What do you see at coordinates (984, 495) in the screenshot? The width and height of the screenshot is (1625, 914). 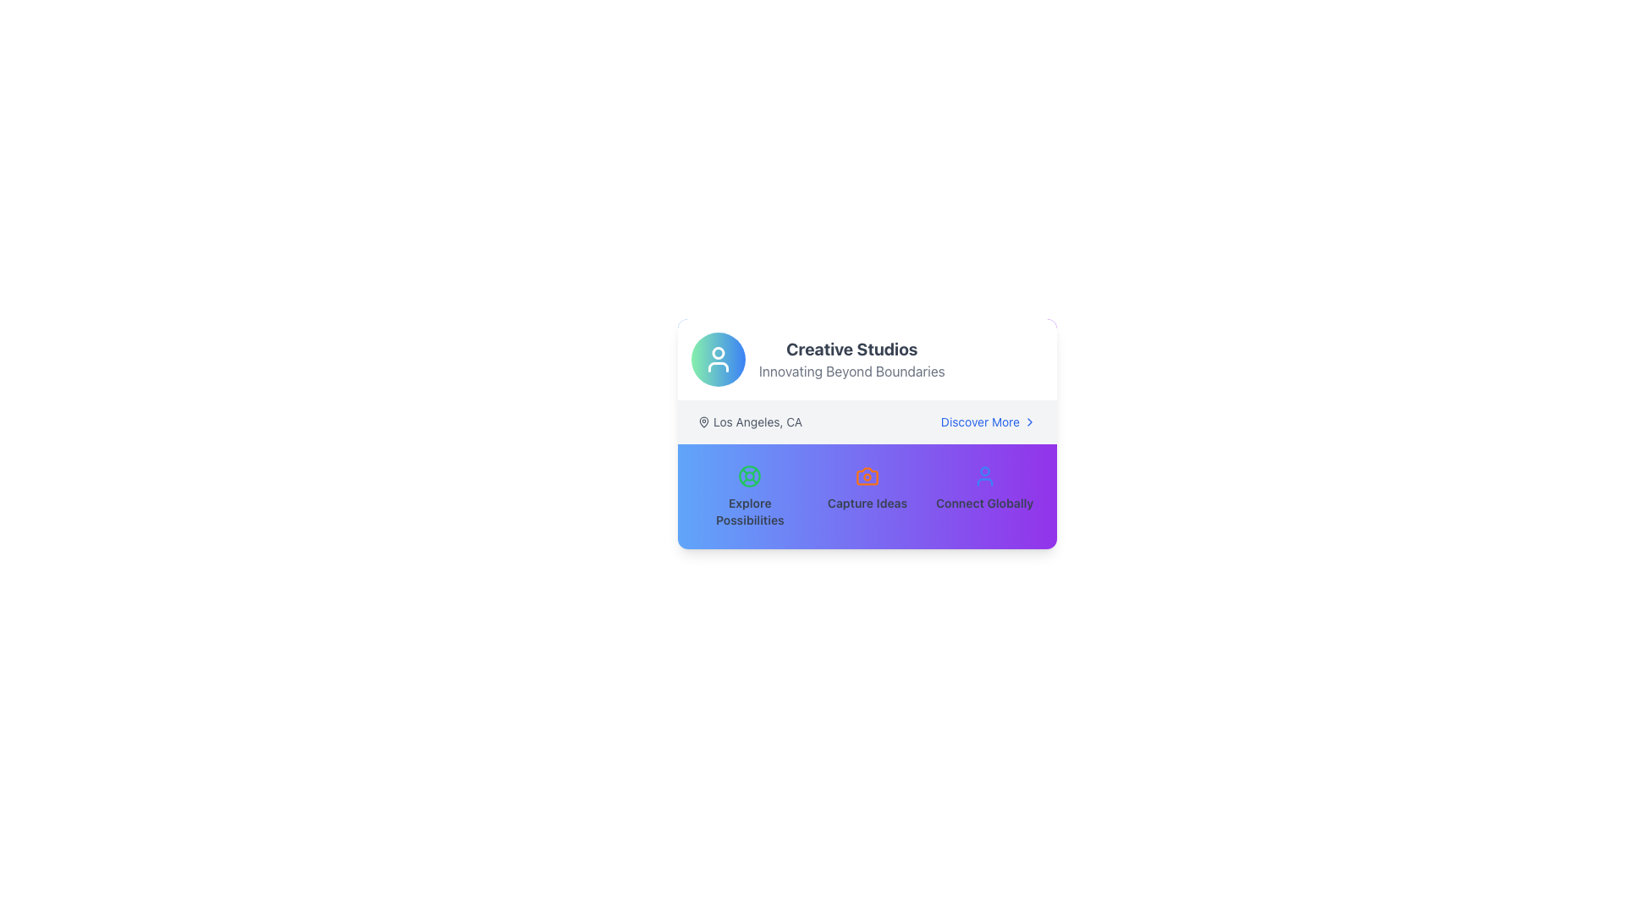 I see `the 'Connect Globally' icon and label, which features a blue icon of a person and dark gray text on a gradient background` at bounding box center [984, 495].